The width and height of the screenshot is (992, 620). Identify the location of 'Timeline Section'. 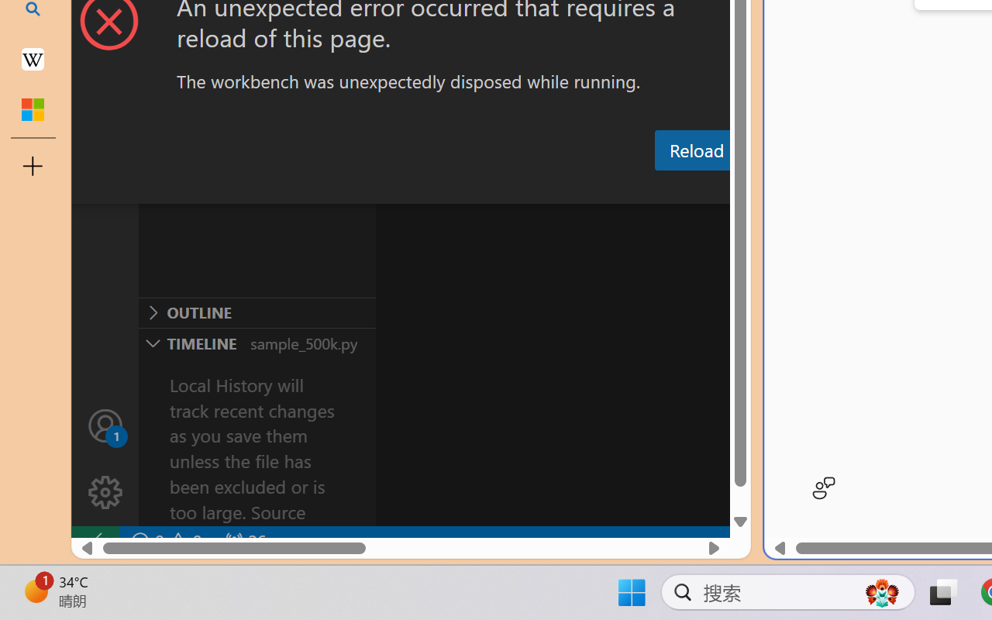
(257, 342).